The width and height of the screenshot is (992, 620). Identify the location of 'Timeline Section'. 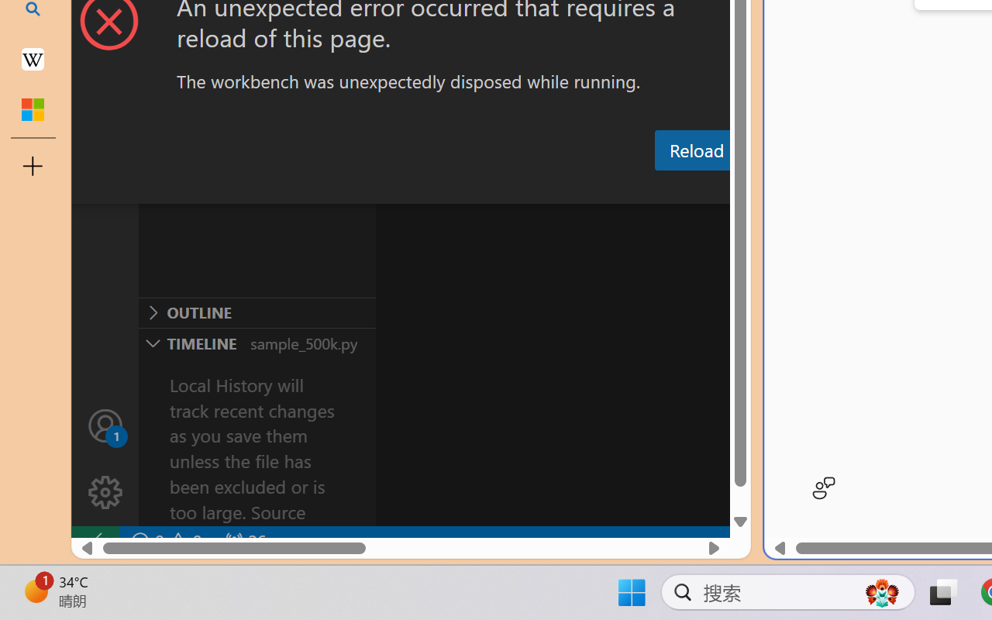
(257, 342).